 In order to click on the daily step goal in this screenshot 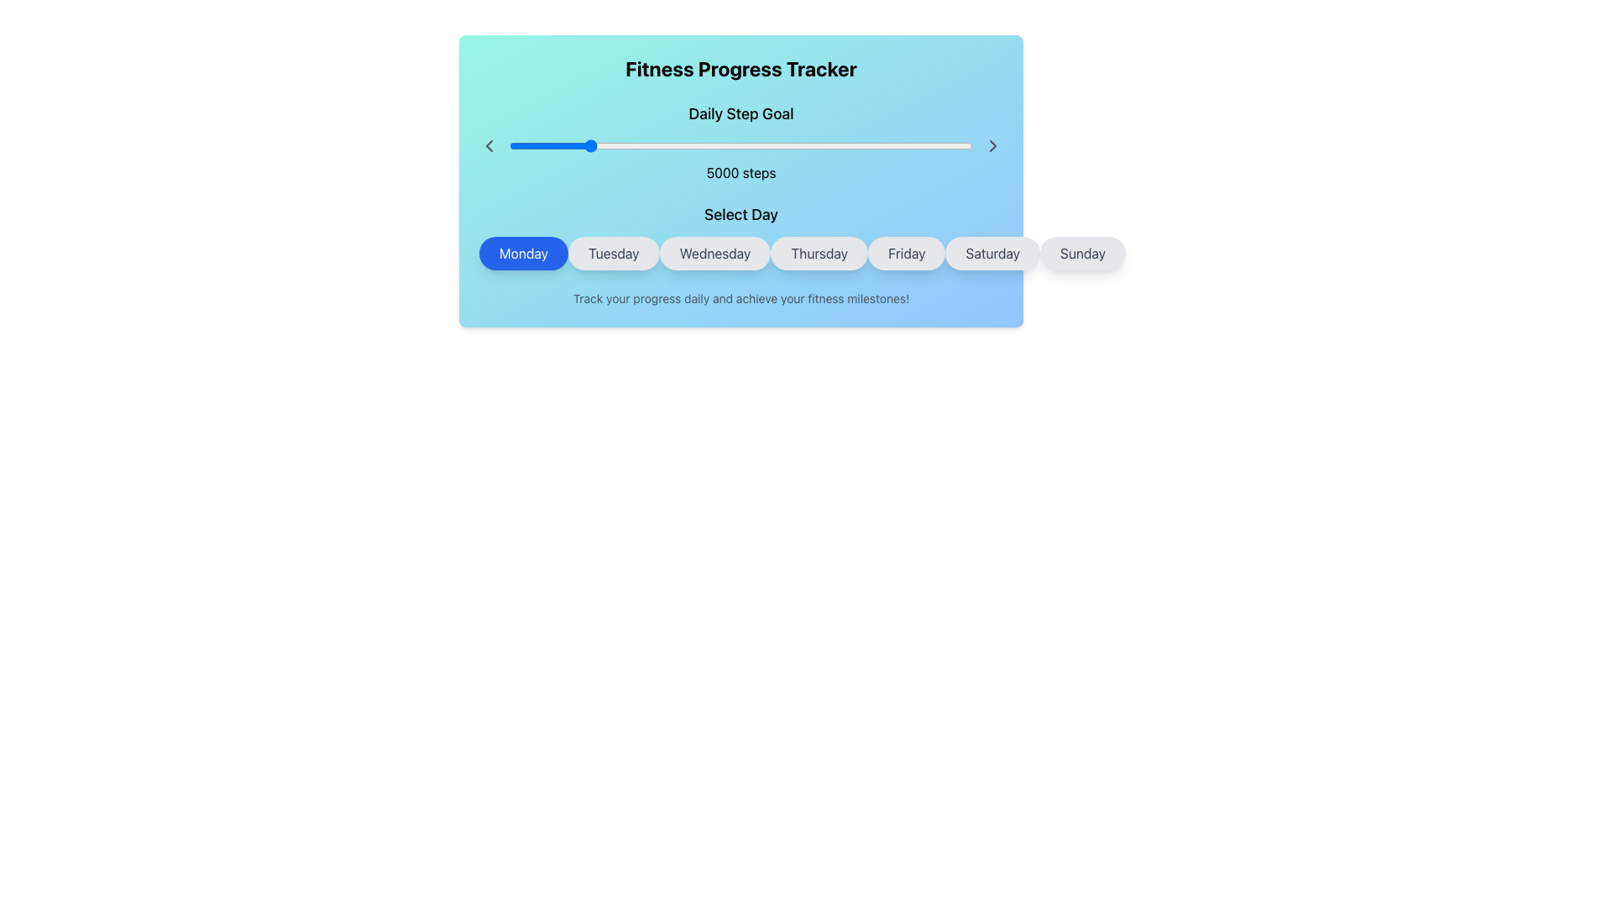, I will do `click(847, 144)`.